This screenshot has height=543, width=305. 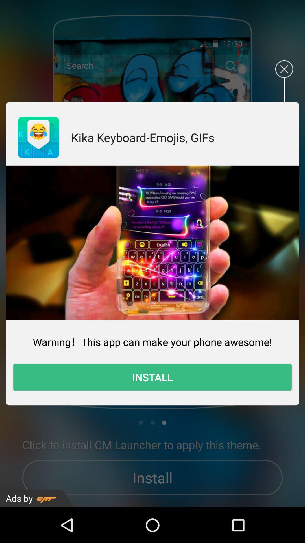 What do you see at coordinates (152, 377) in the screenshot?
I see `install` at bounding box center [152, 377].